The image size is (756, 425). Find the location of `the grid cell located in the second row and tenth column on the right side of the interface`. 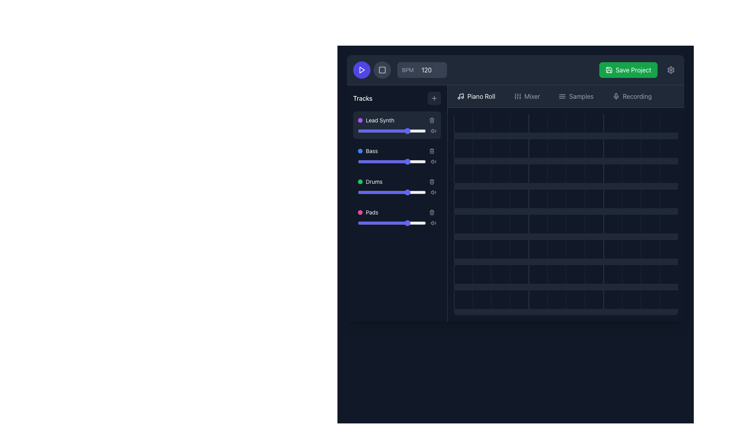

the grid cell located in the second row and tenth column on the right side of the interface is located at coordinates (631, 148).